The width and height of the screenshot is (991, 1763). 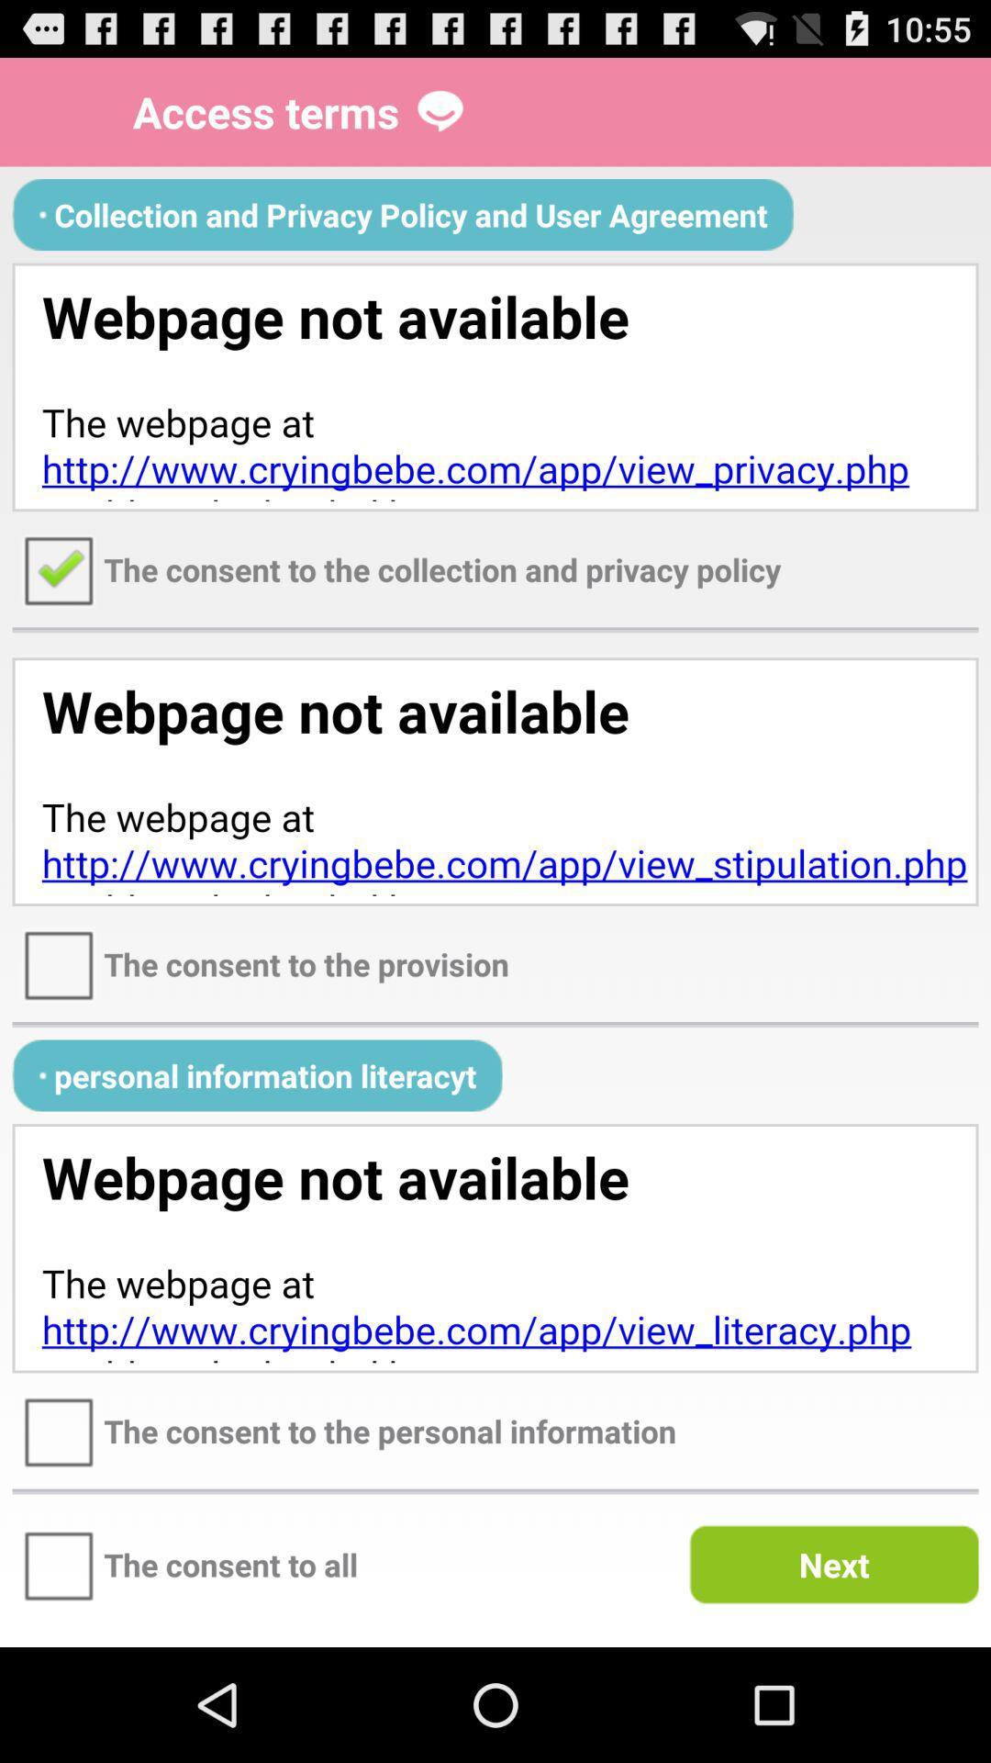 What do you see at coordinates (495, 386) in the screenshot?
I see `search box` at bounding box center [495, 386].